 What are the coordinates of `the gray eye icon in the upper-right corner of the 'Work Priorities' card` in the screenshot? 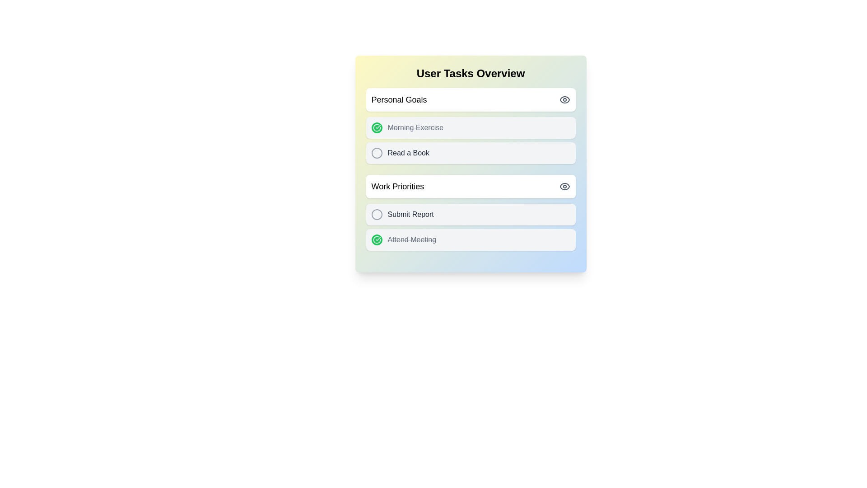 It's located at (564, 186).